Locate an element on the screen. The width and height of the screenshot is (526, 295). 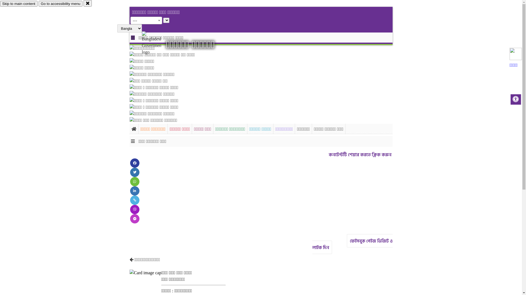
'Skip to main content' is located at coordinates (19, 4).